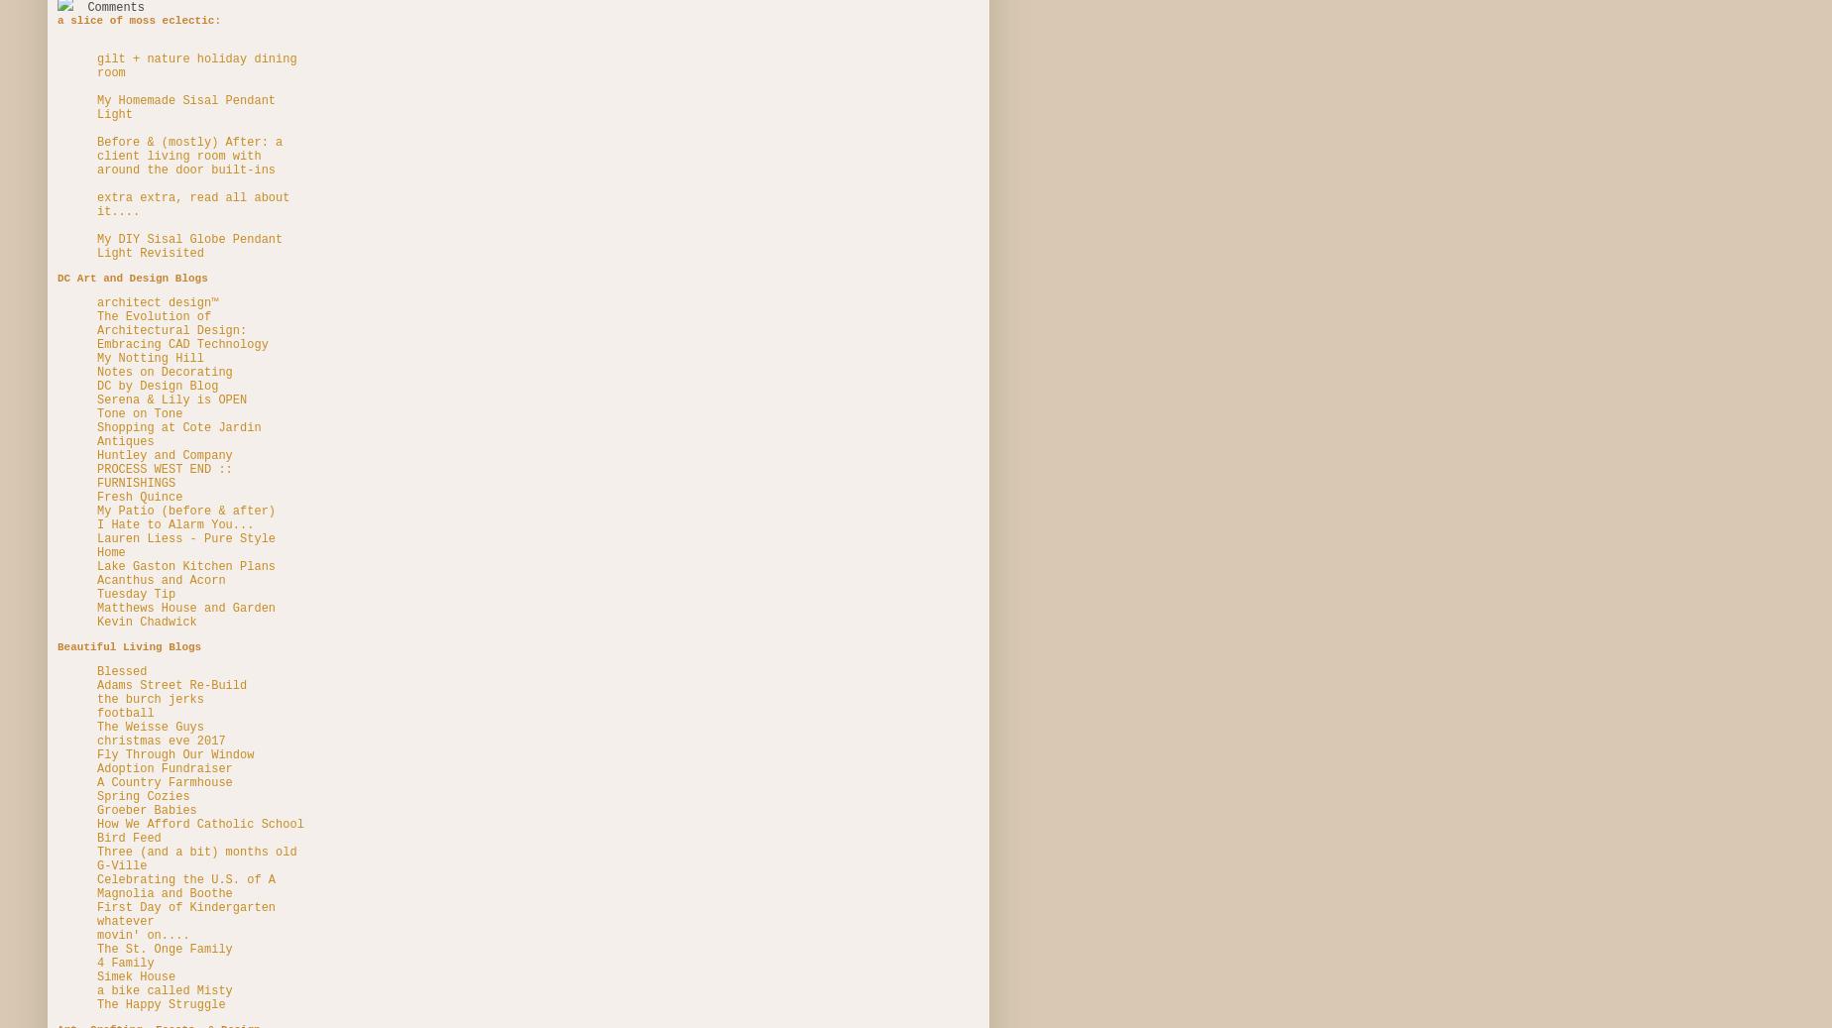 The height and width of the screenshot is (1028, 1832). Describe the element at coordinates (96, 328) in the screenshot. I see `'The Evolution of Architectural Design: Embracing CAD Technology'` at that location.